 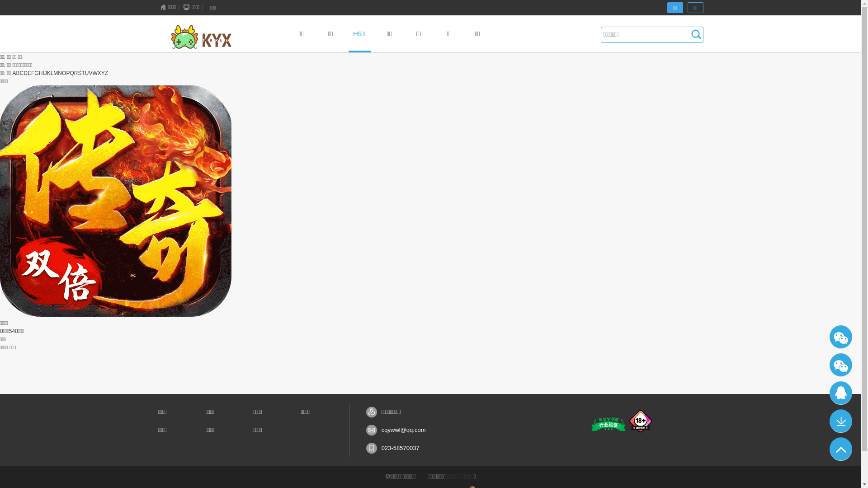 I want to click on 'T', so click(x=83, y=73).